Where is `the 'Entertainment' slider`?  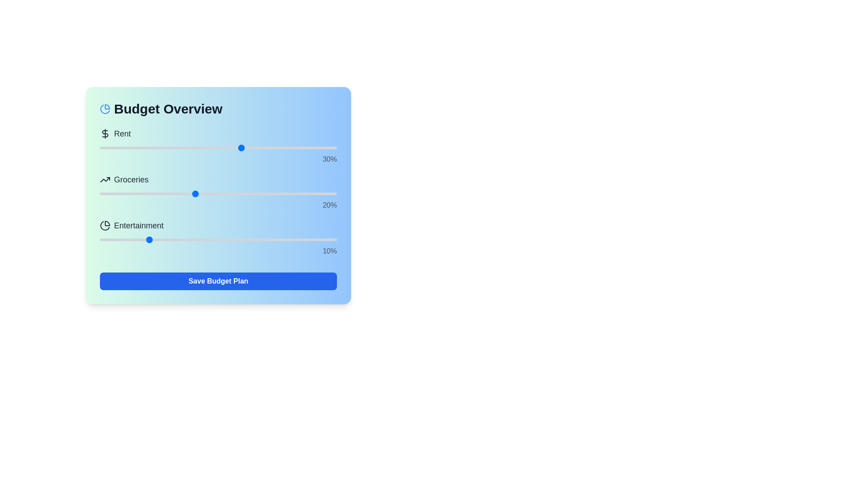
the 'Entertainment' slider is located at coordinates (308, 240).